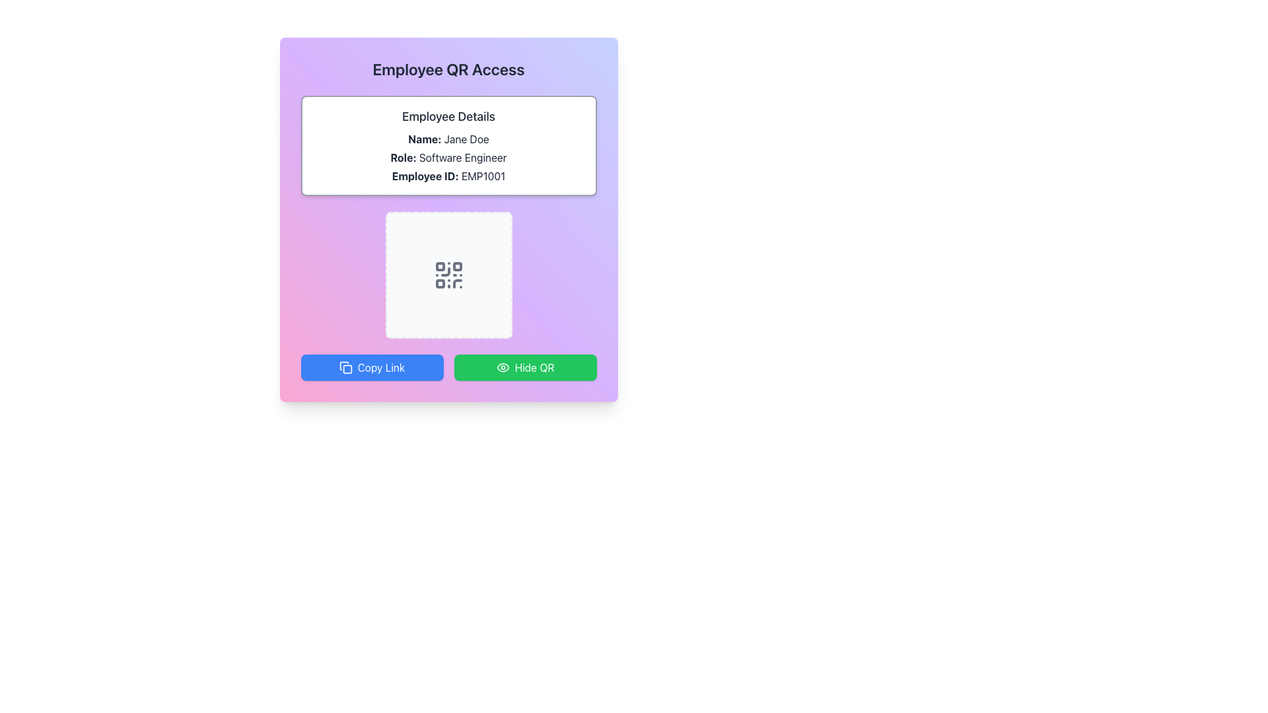  What do you see at coordinates (457, 267) in the screenshot?
I see `the small square with rounded corners located at the top-right corner of the QR code, which is part of the employee information card` at bounding box center [457, 267].